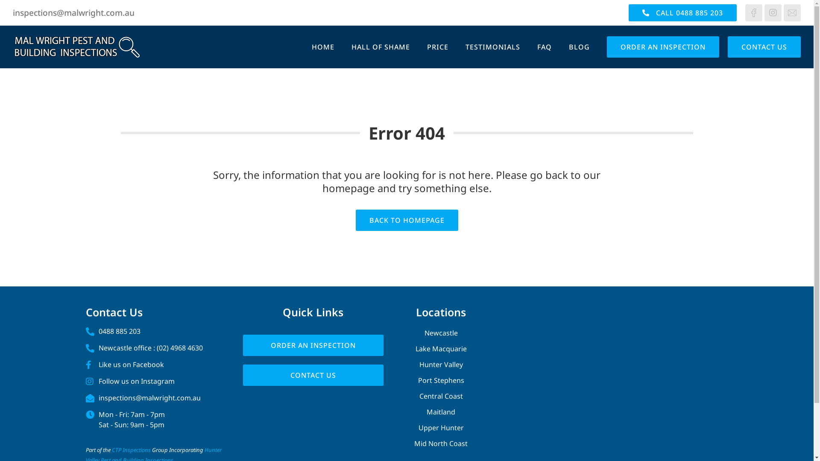 The image size is (820, 461). Describe the element at coordinates (441, 428) in the screenshot. I see `'Upper Hunter'` at that location.